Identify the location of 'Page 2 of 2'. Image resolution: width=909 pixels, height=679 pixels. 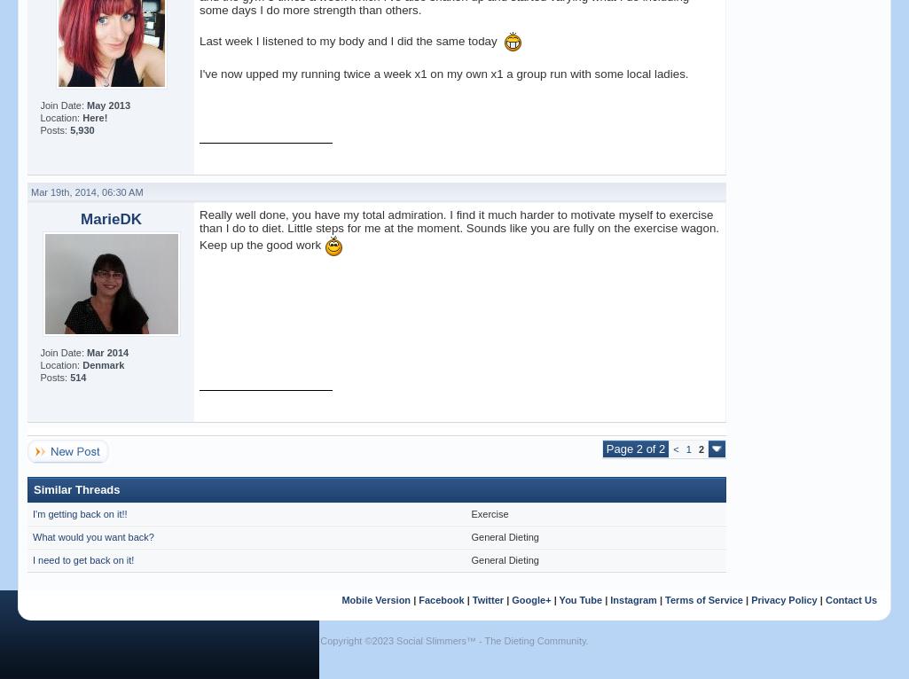
(634, 449).